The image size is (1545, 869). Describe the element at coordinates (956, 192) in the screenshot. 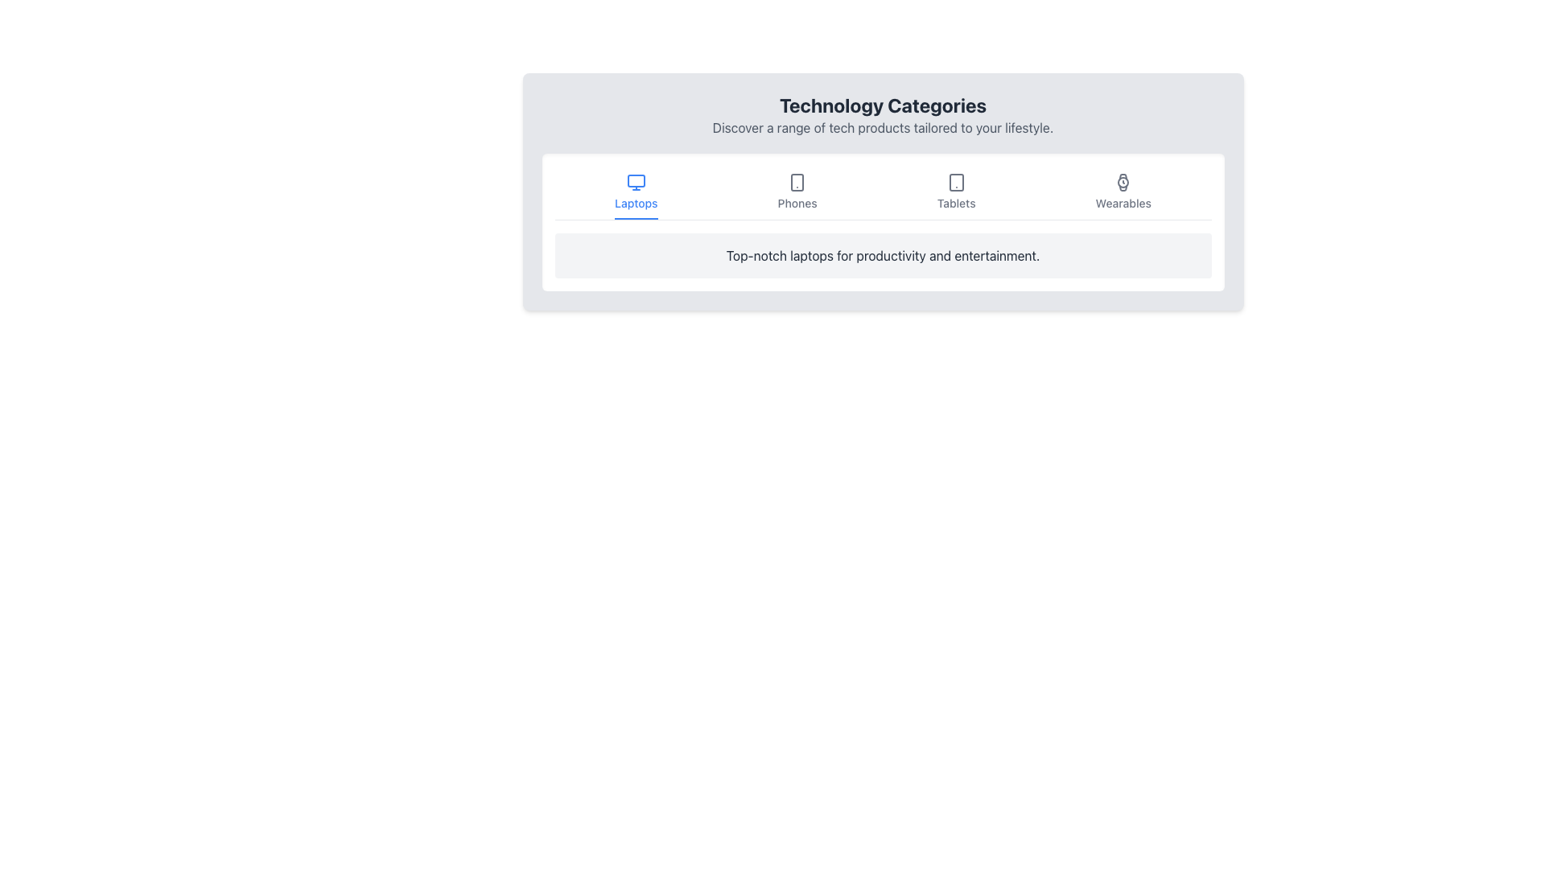

I see `the 'Tablets' button, which is the third button in a horizontal row of technology category buttons` at that location.